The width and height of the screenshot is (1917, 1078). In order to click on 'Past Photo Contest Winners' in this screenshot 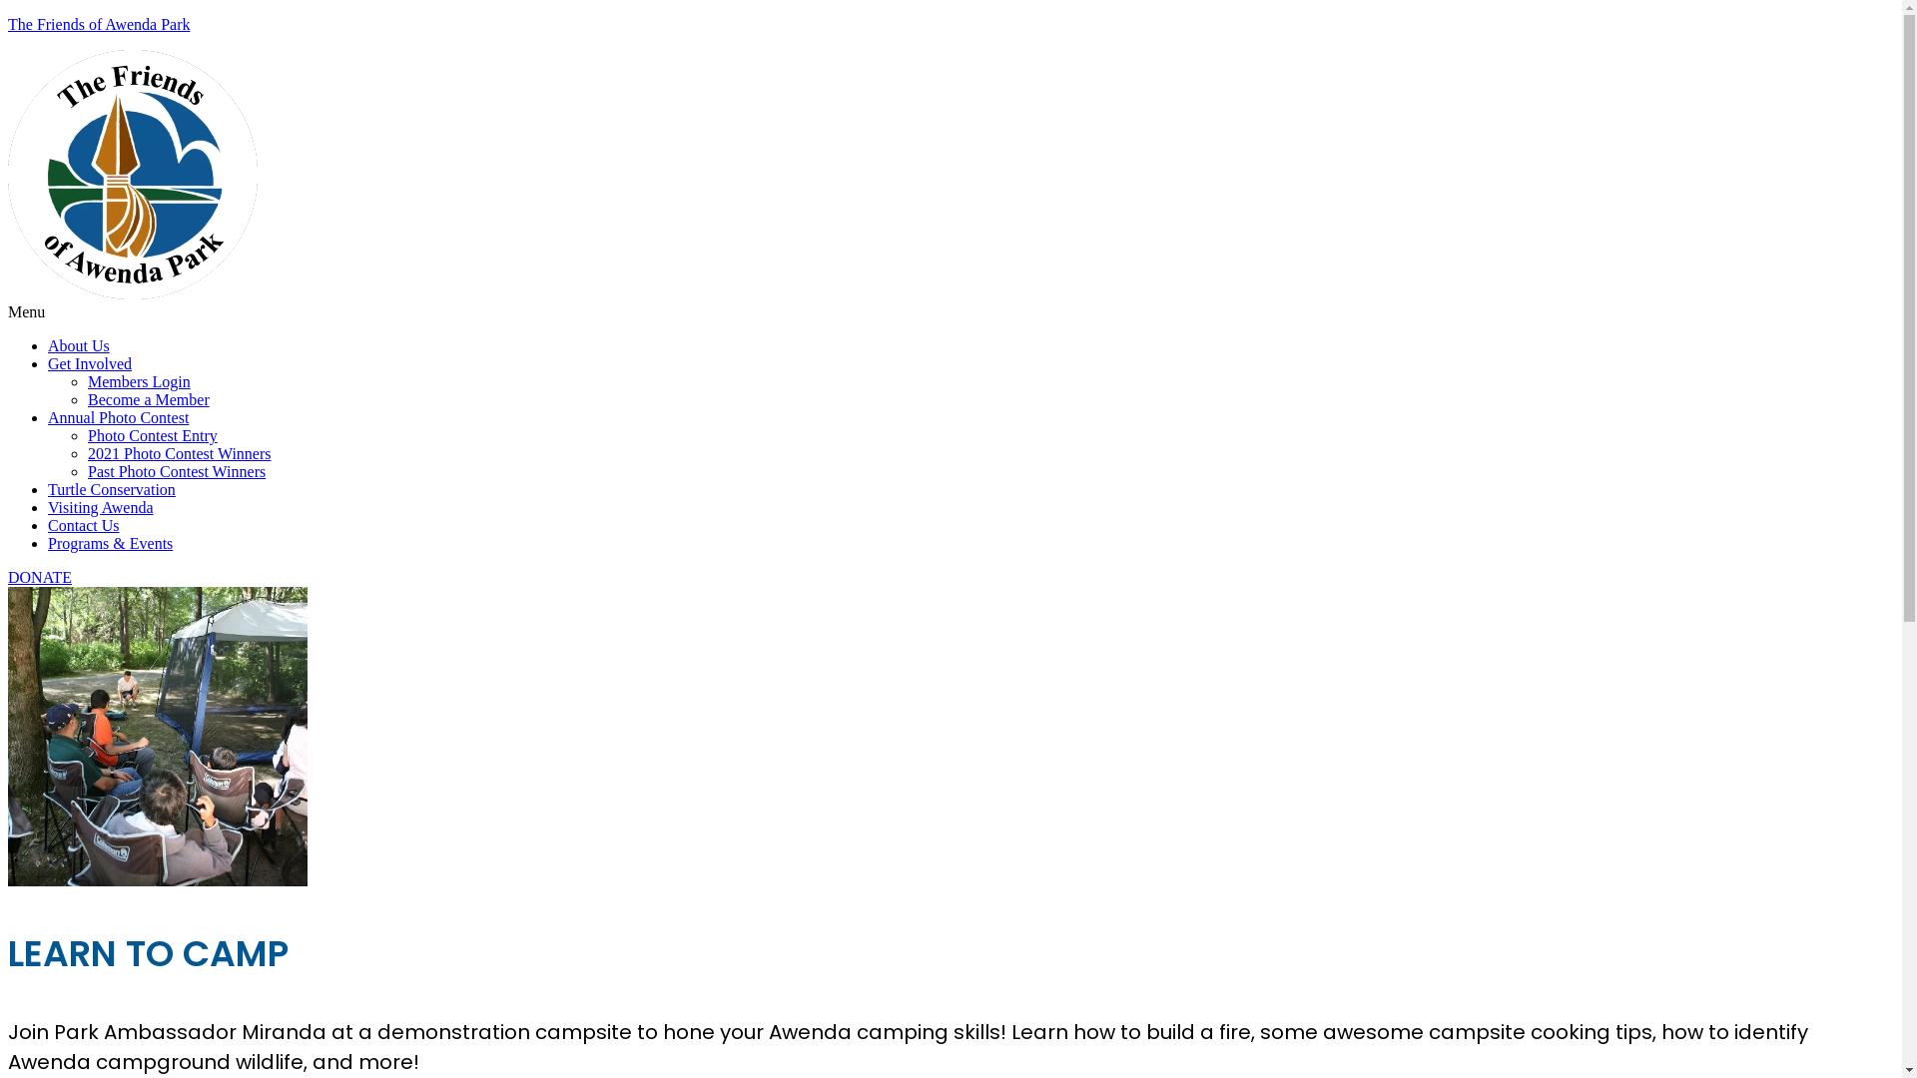, I will do `click(86, 471)`.